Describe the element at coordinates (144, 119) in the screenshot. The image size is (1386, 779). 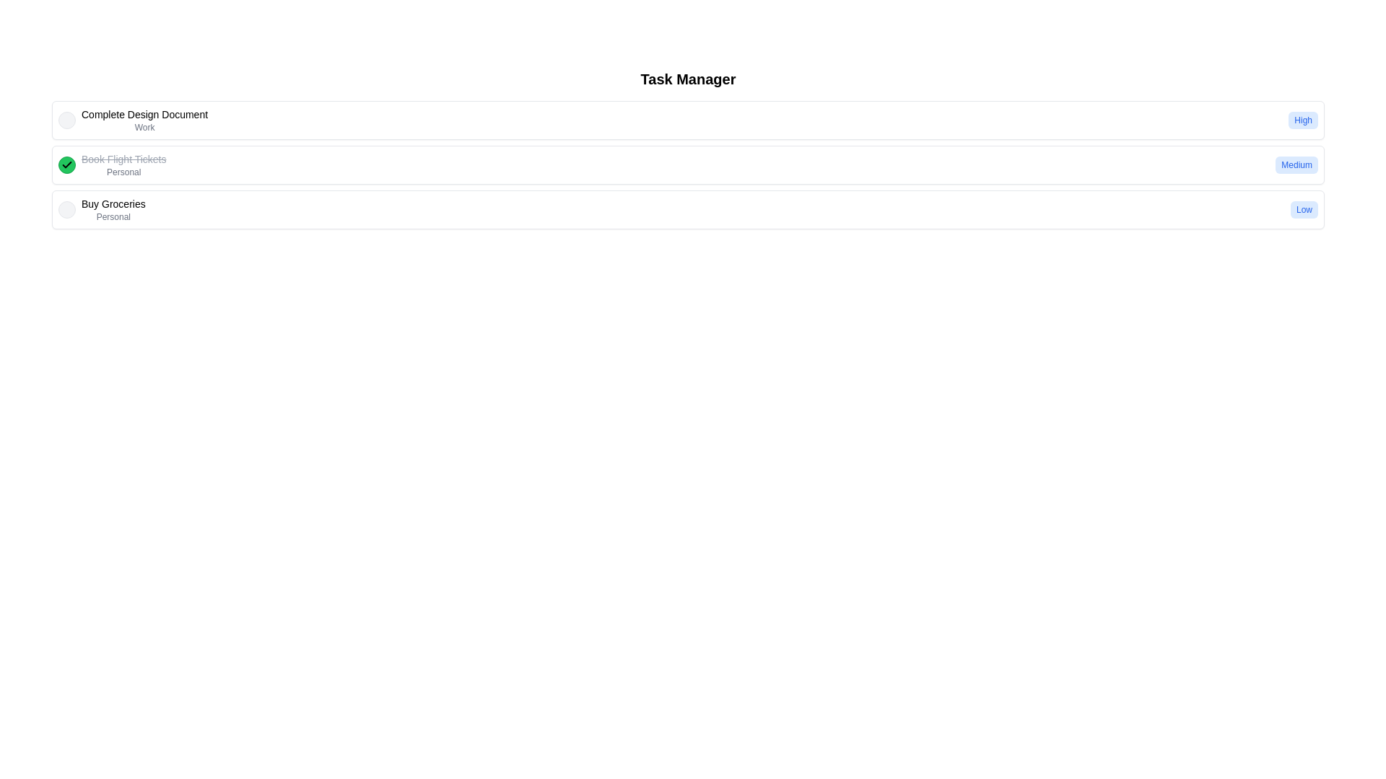
I see `the static text label that reads 'Complete Design Document'` at that location.